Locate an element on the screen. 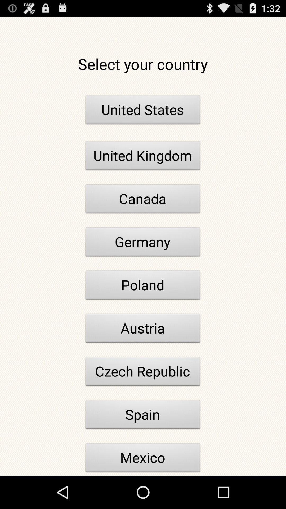  the poland icon is located at coordinates (143, 286).